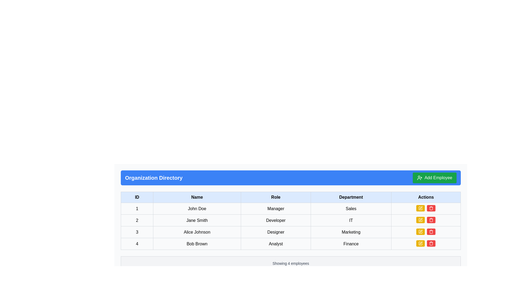 The width and height of the screenshot is (512, 288). What do you see at coordinates (351, 220) in the screenshot?
I see `the table cell element displaying 'IT' under the 'Department' heading for the 'Jane Smith' row` at bounding box center [351, 220].